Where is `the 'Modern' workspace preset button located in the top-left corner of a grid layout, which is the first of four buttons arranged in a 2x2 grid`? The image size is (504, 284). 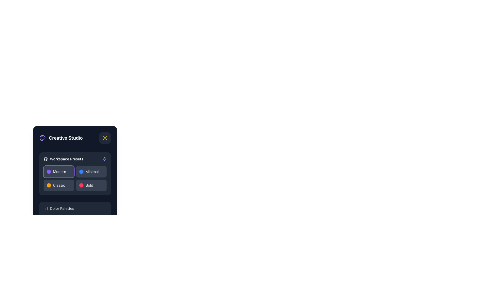 the 'Modern' workspace preset button located in the top-left corner of a grid layout, which is the first of four buttons arranged in a 2x2 grid is located at coordinates (59, 171).